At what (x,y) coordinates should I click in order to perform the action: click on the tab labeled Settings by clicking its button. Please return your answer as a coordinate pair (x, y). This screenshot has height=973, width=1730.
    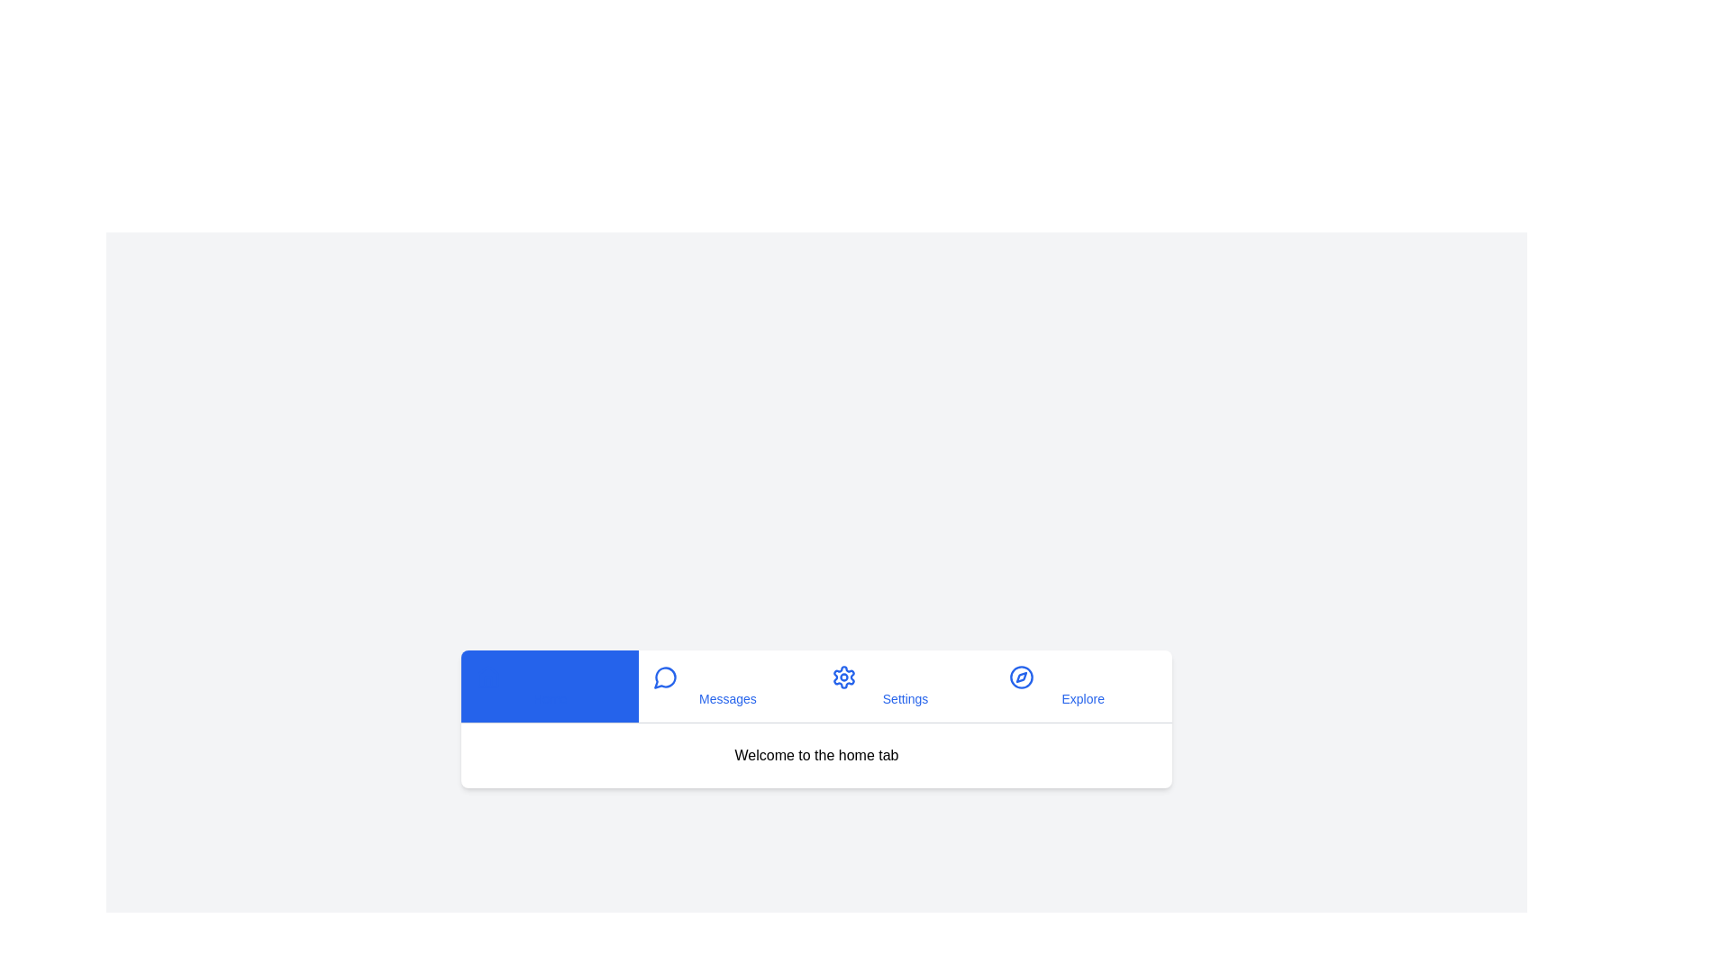
    Looking at the image, I should click on (906, 686).